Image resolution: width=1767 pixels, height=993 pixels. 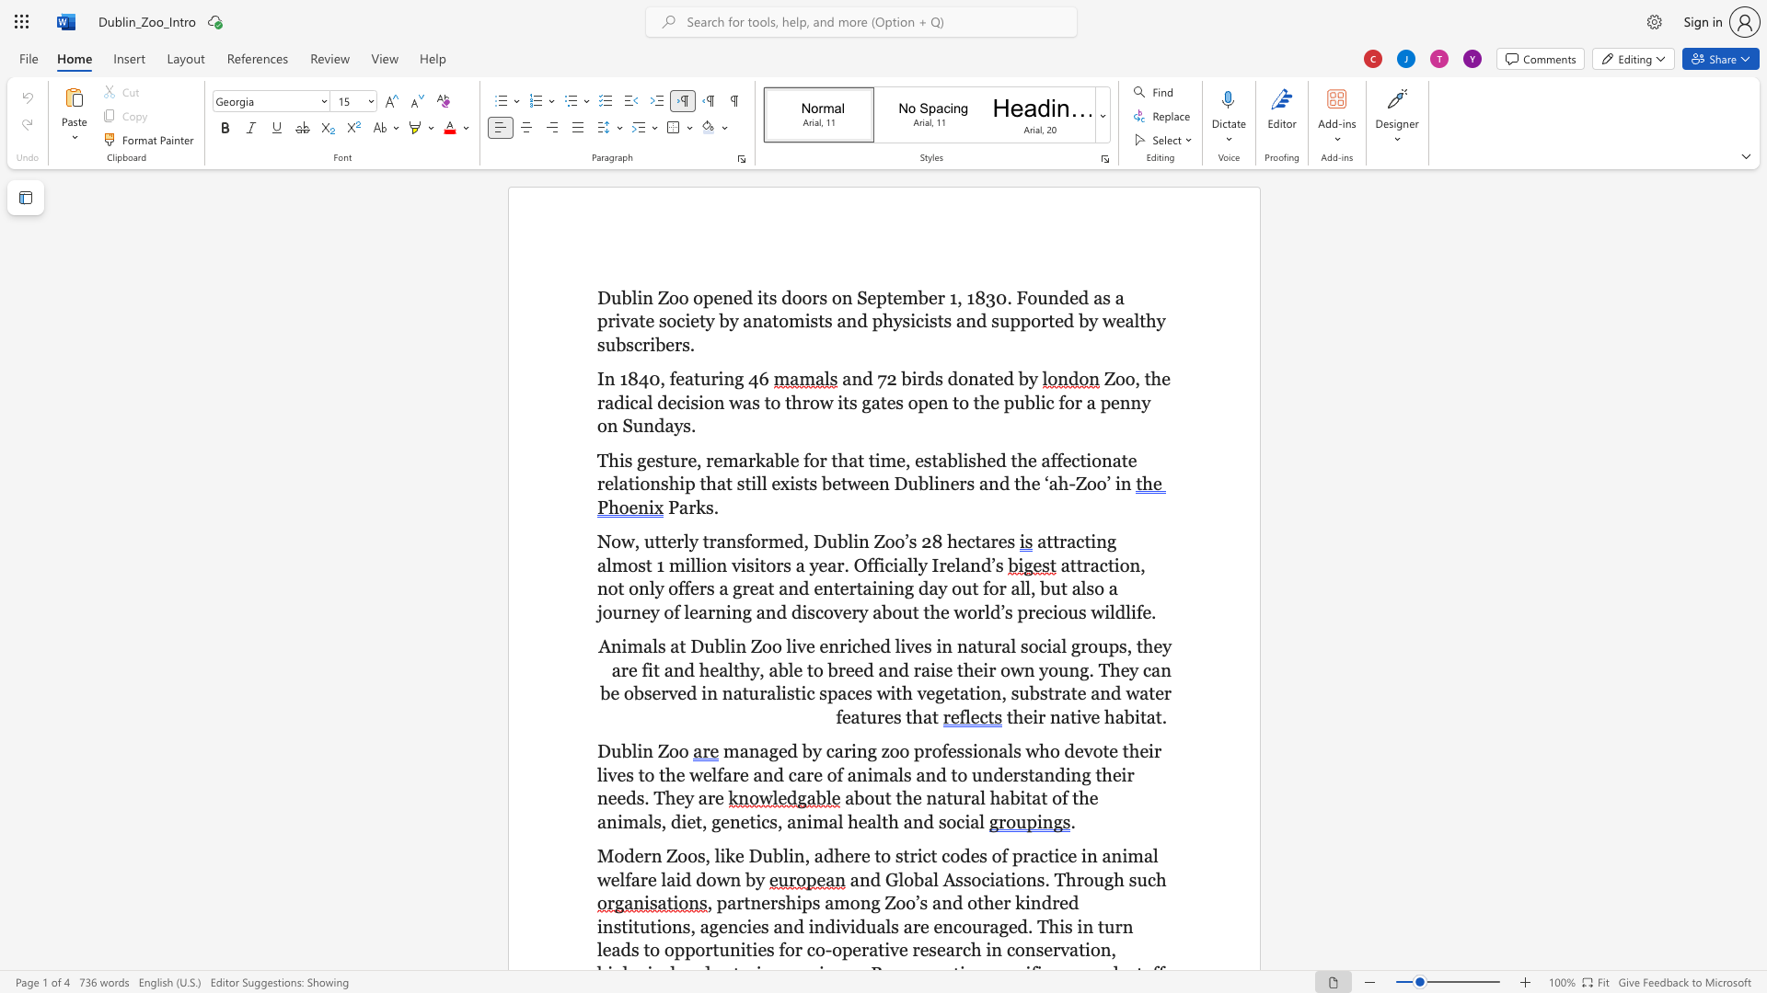 I want to click on the 2th character "e" in the text, so click(x=951, y=564).